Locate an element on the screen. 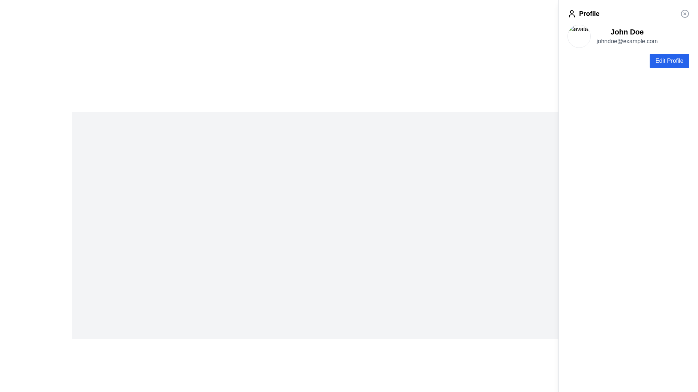  the central circle of the close button located at the top-right of the user interface, which is part of an SVG-based button design is located at coordinates (684, 14).